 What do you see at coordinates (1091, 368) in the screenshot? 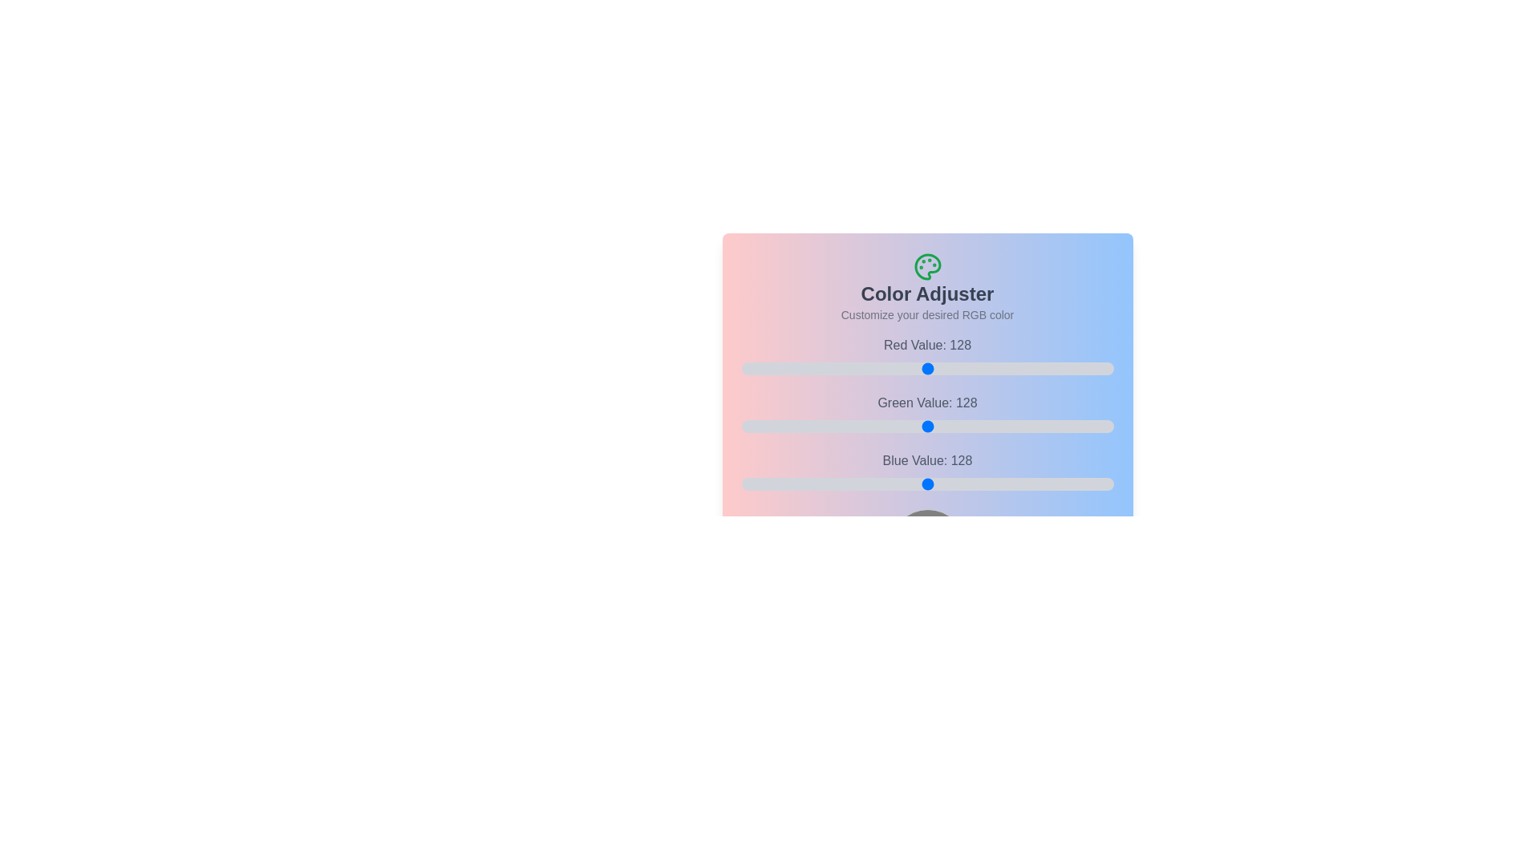
I see `the 0 slider to 224` at bounding box center [1091, 368].